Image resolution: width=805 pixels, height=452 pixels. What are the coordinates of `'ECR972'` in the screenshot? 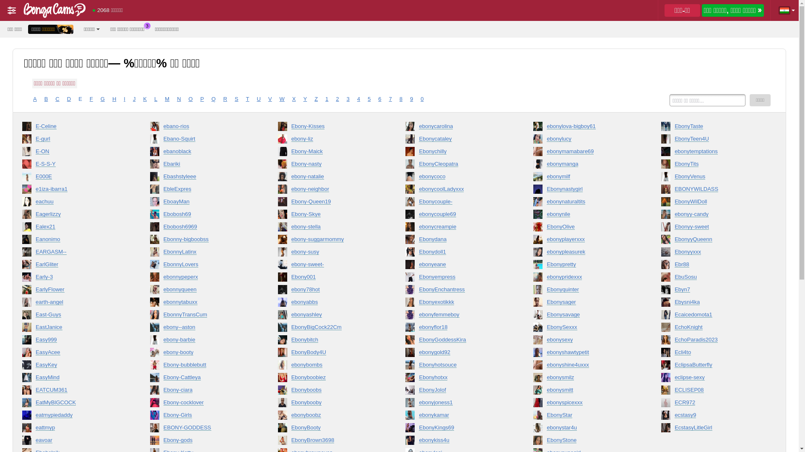 It's located at (661, 403).